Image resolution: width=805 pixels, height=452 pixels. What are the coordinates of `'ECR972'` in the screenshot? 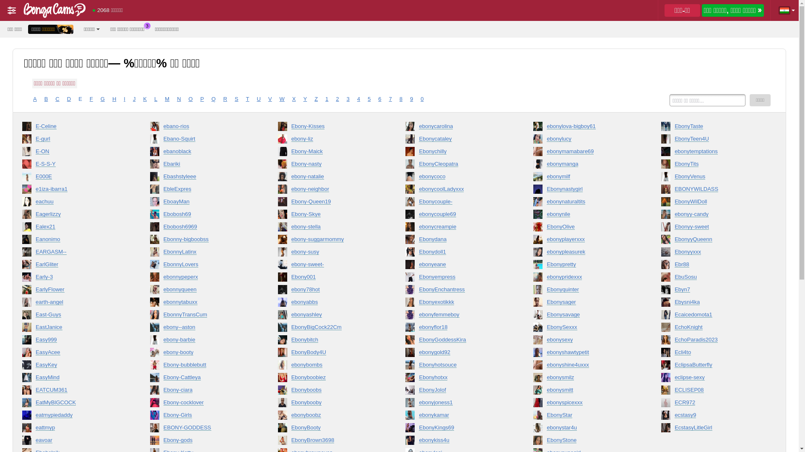 It's located at (661, 403).